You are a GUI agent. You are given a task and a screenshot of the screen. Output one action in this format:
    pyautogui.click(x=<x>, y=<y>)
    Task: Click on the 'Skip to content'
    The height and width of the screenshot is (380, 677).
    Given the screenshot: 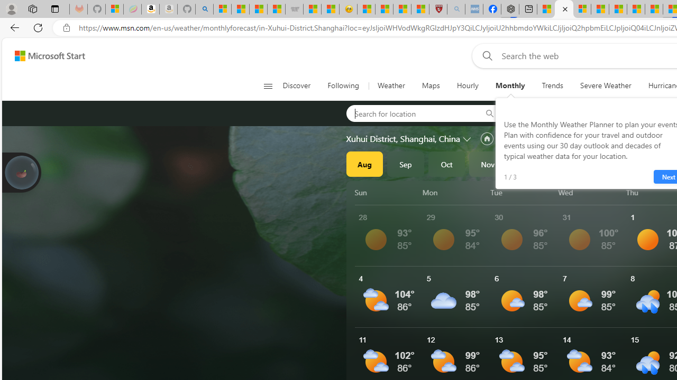 What is the action you would take?
    pyautogui.click(x=45, y=55)
    